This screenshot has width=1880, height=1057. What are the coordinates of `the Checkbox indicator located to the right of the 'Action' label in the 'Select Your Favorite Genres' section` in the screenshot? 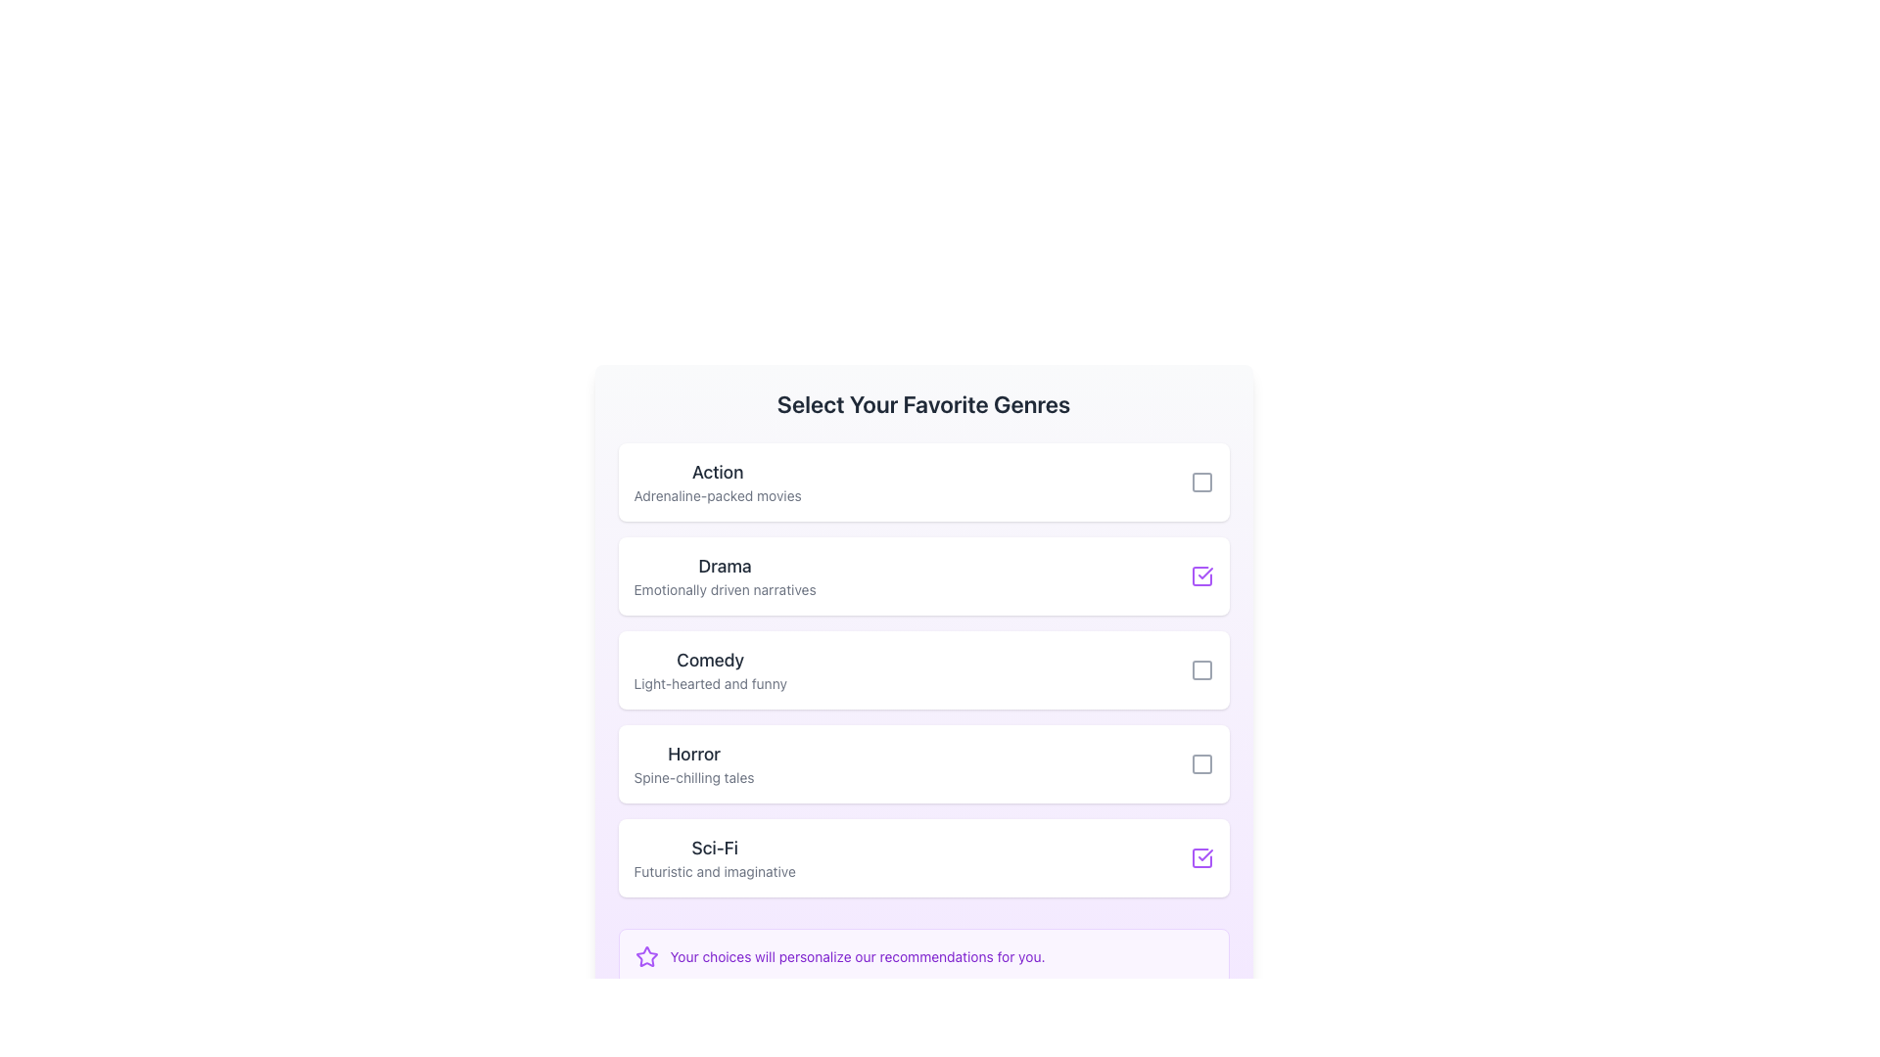 It's located at (1200, 483).